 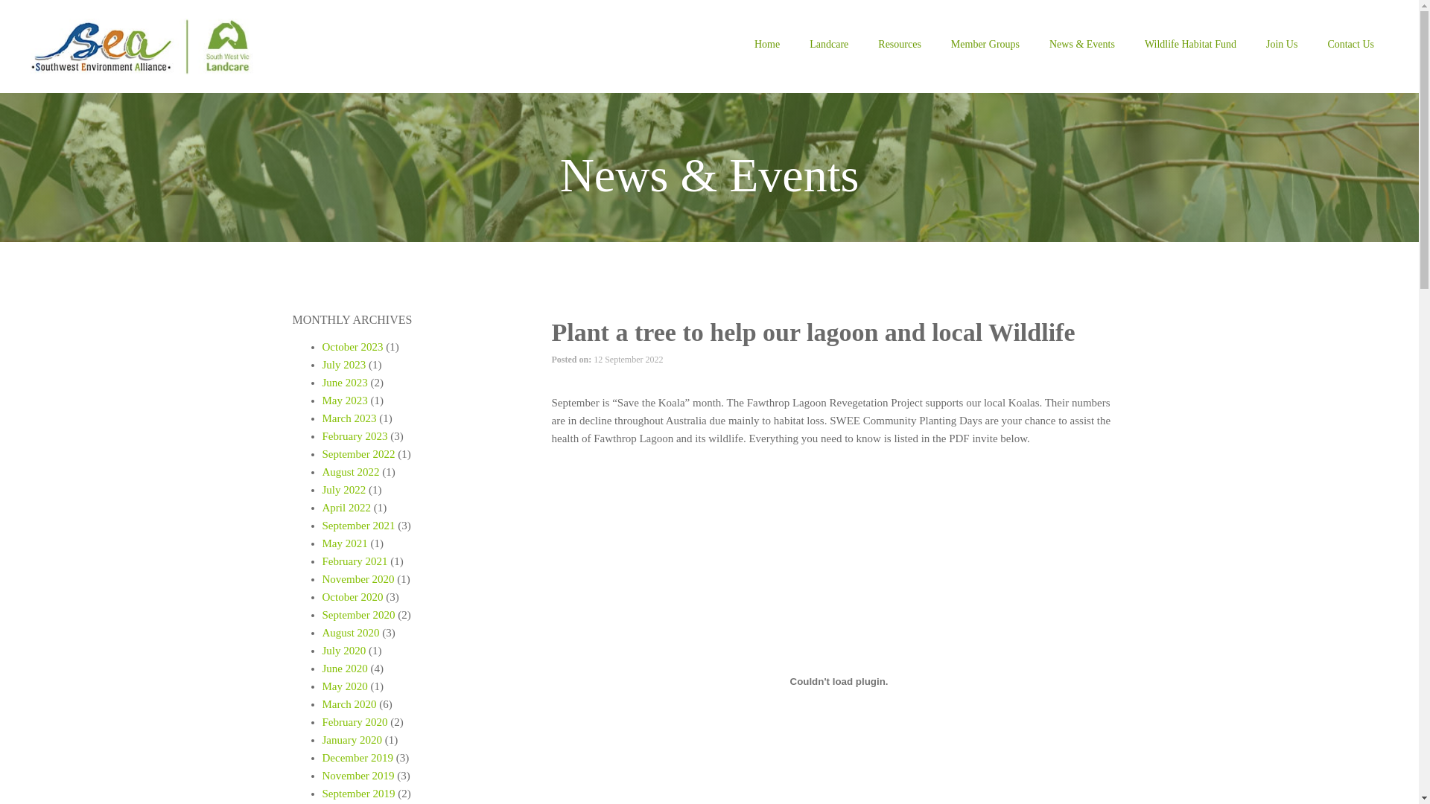 What do you see at coordinates (343, 490) in the screenshot?
I see `'July 2022'` at bounding box center [343, 490].